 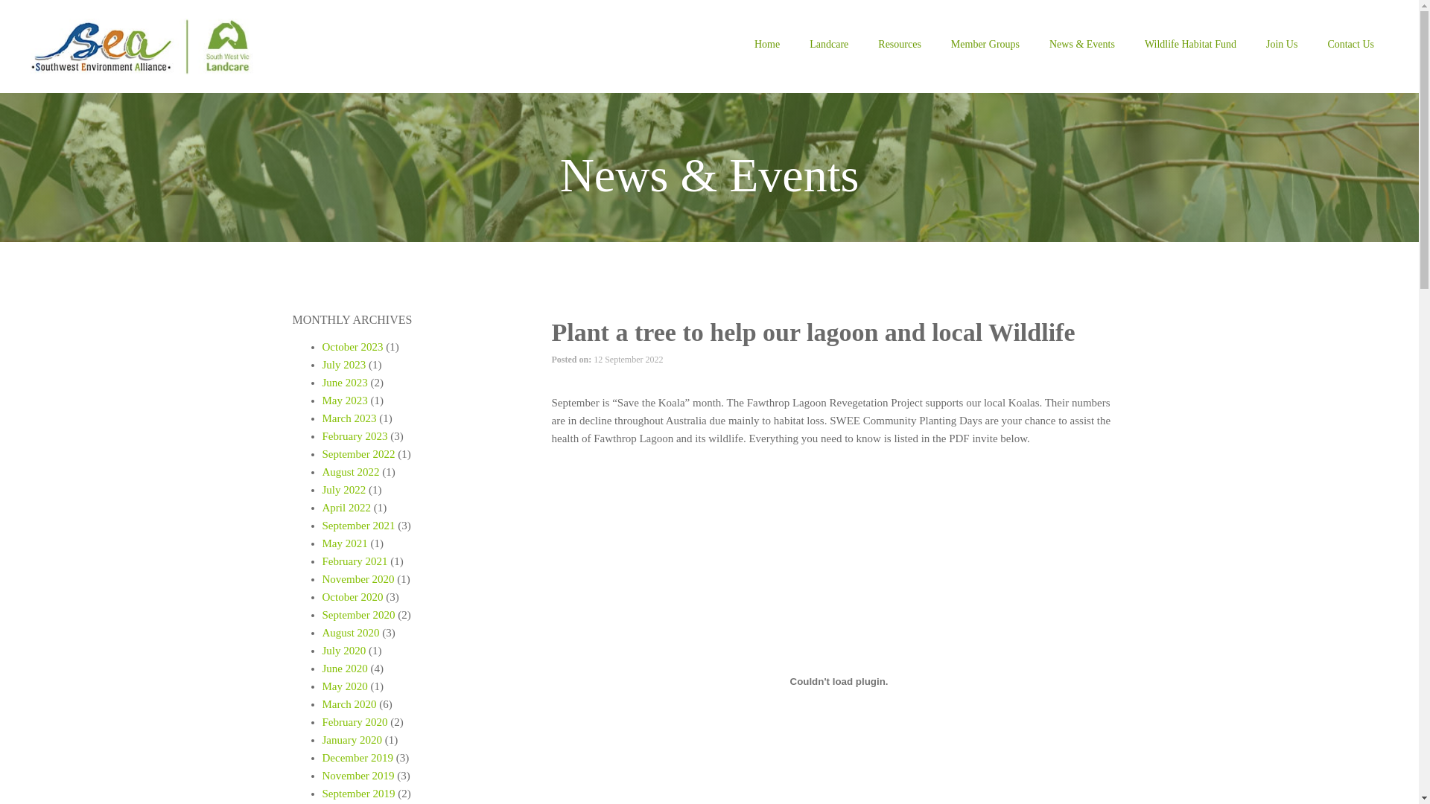 What do you see at coordinates (343, 490) in the screenshot?
I see `'July 2022'` at bounding box center [343, 490].